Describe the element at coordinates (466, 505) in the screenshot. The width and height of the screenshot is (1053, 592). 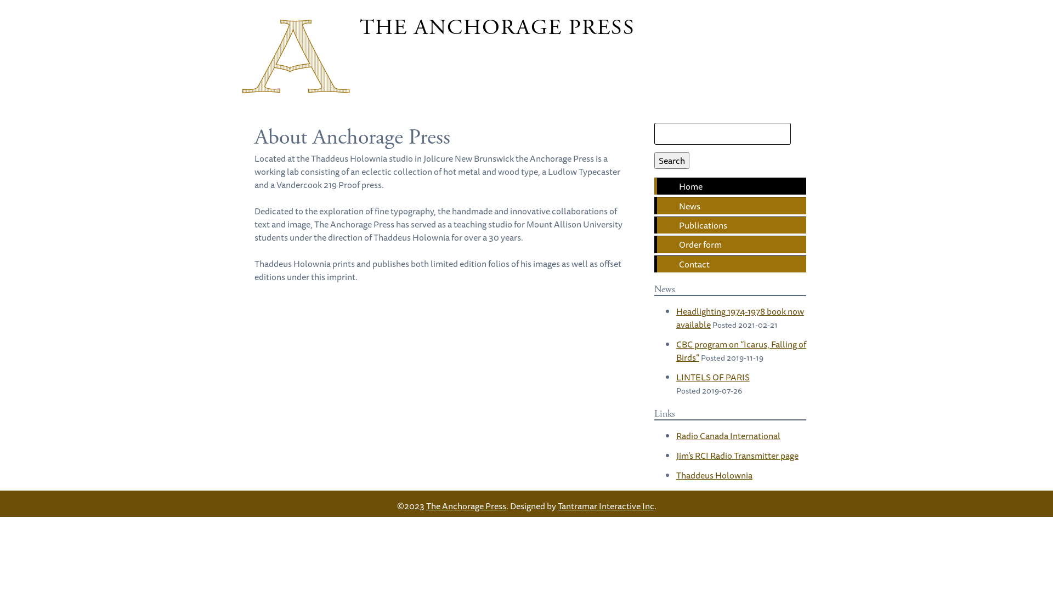
I see `'The Anchorage Press'` at that location.